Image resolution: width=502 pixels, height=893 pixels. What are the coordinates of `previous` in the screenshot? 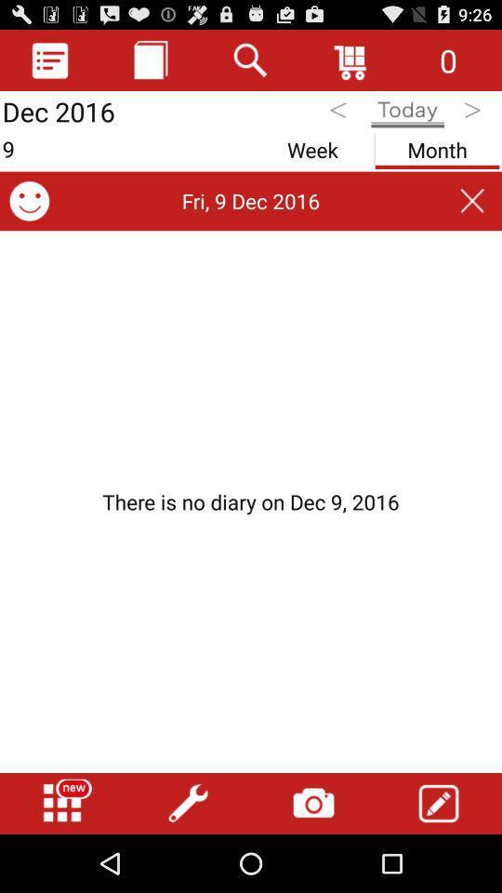 It's located at (339, 113).